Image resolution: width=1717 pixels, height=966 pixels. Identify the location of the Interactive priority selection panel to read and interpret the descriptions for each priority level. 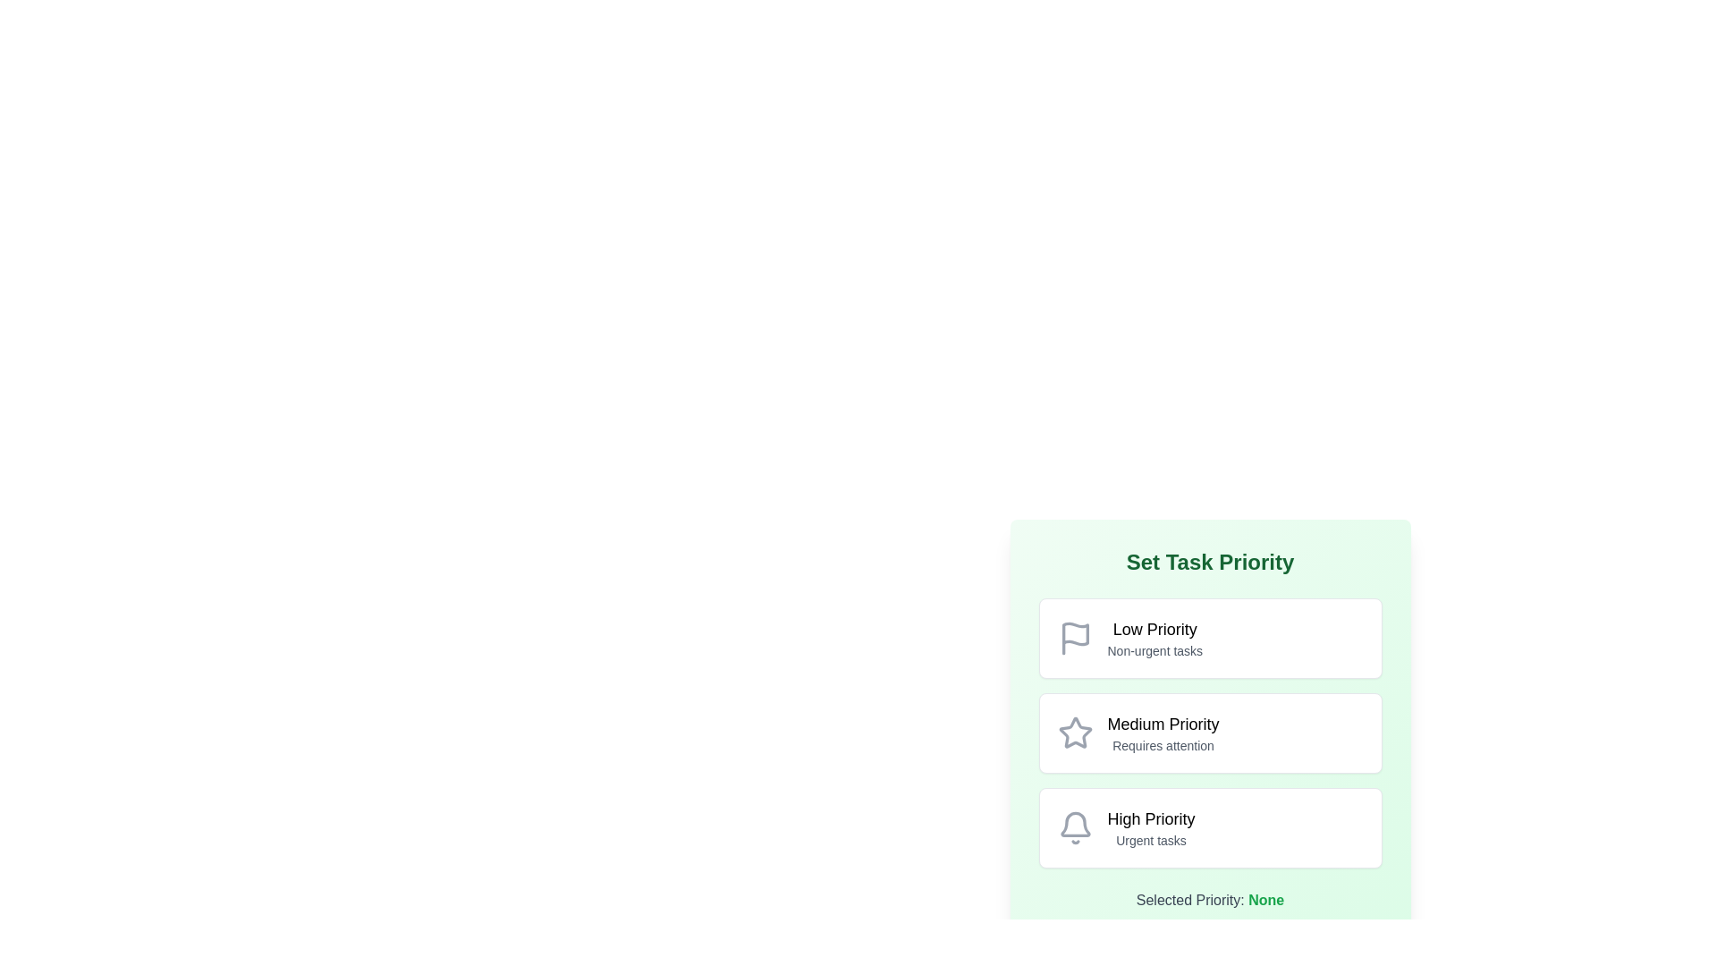
(1210, 730).